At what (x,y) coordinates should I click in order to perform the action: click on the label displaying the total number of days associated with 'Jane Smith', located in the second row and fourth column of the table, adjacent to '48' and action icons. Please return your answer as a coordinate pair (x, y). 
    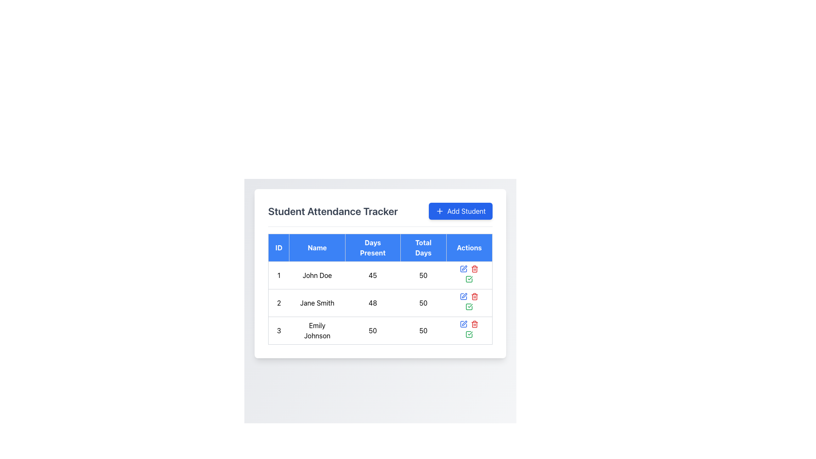
    Looking at the image, I should click on (423, 303).